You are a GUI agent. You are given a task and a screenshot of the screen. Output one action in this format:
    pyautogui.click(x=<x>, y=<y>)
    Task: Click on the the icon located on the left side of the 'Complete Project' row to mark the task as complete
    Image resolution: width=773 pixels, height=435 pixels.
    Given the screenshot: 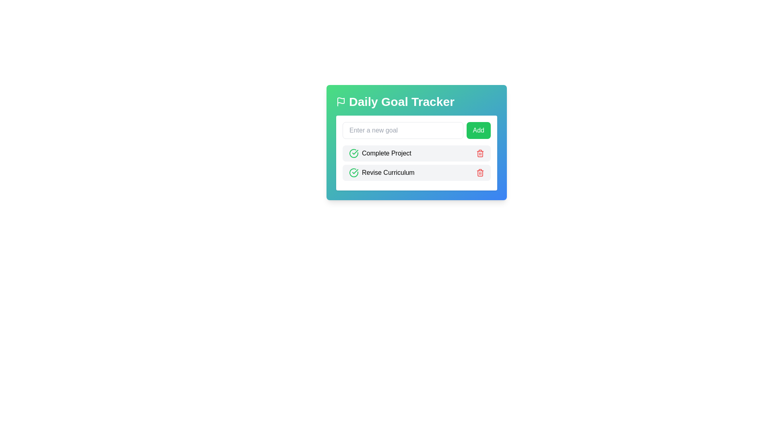 What is the action you would take?
    pyautogui.click(x=353, y=153)
    